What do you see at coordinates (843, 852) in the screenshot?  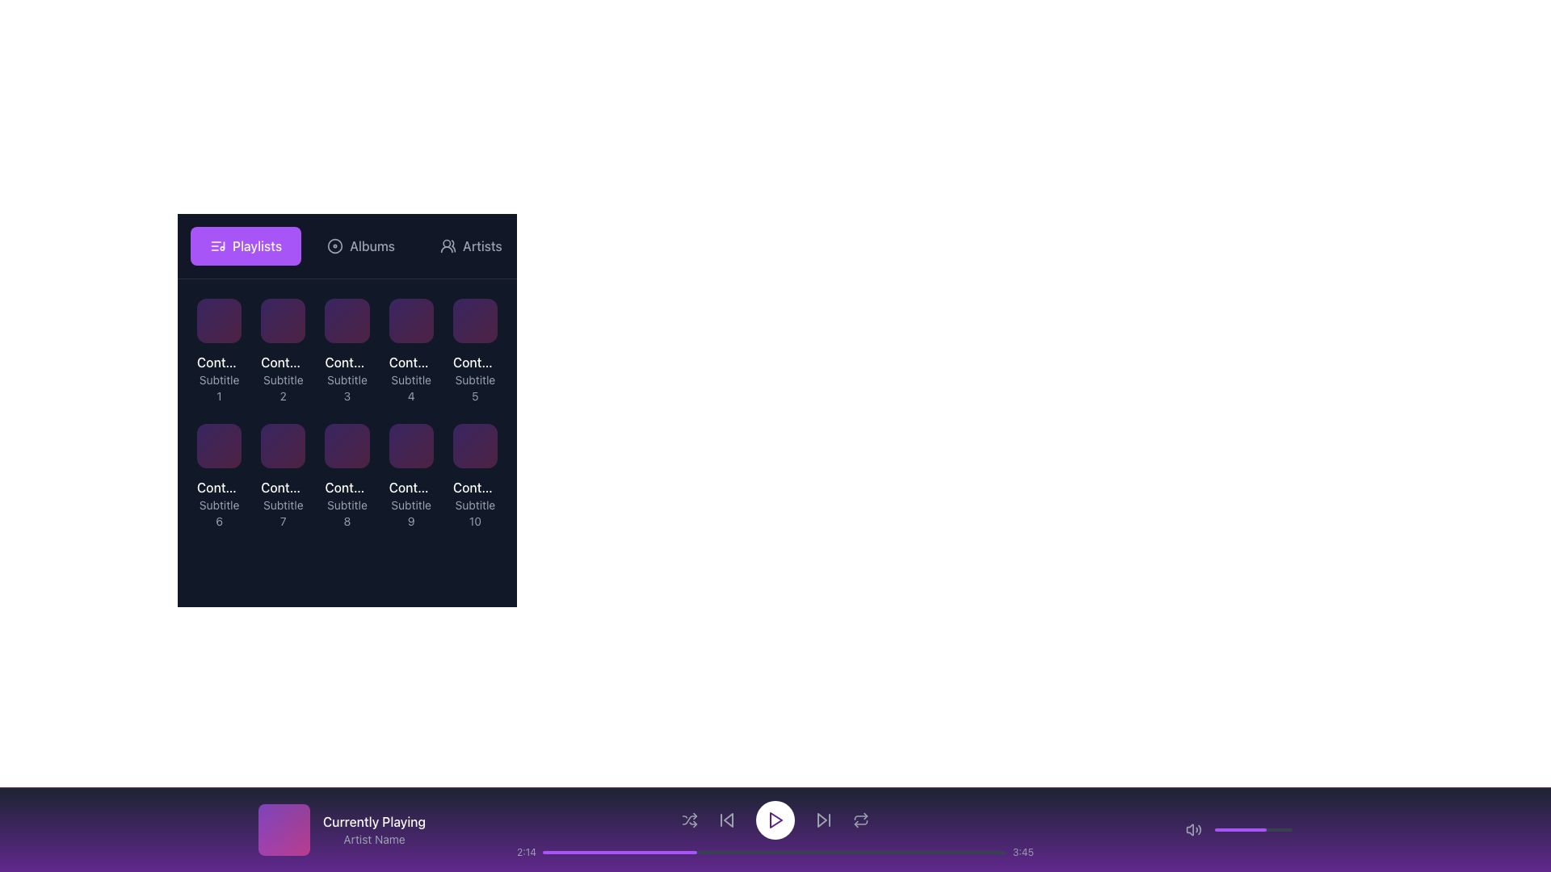 I see `progress` at bounding box center [843, 852].